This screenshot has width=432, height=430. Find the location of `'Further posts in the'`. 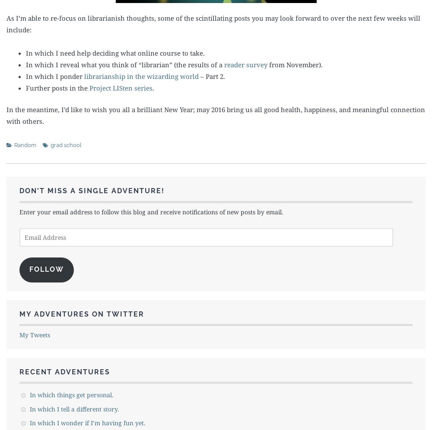

'Further posts in the' is located at coordinates (57, 88).